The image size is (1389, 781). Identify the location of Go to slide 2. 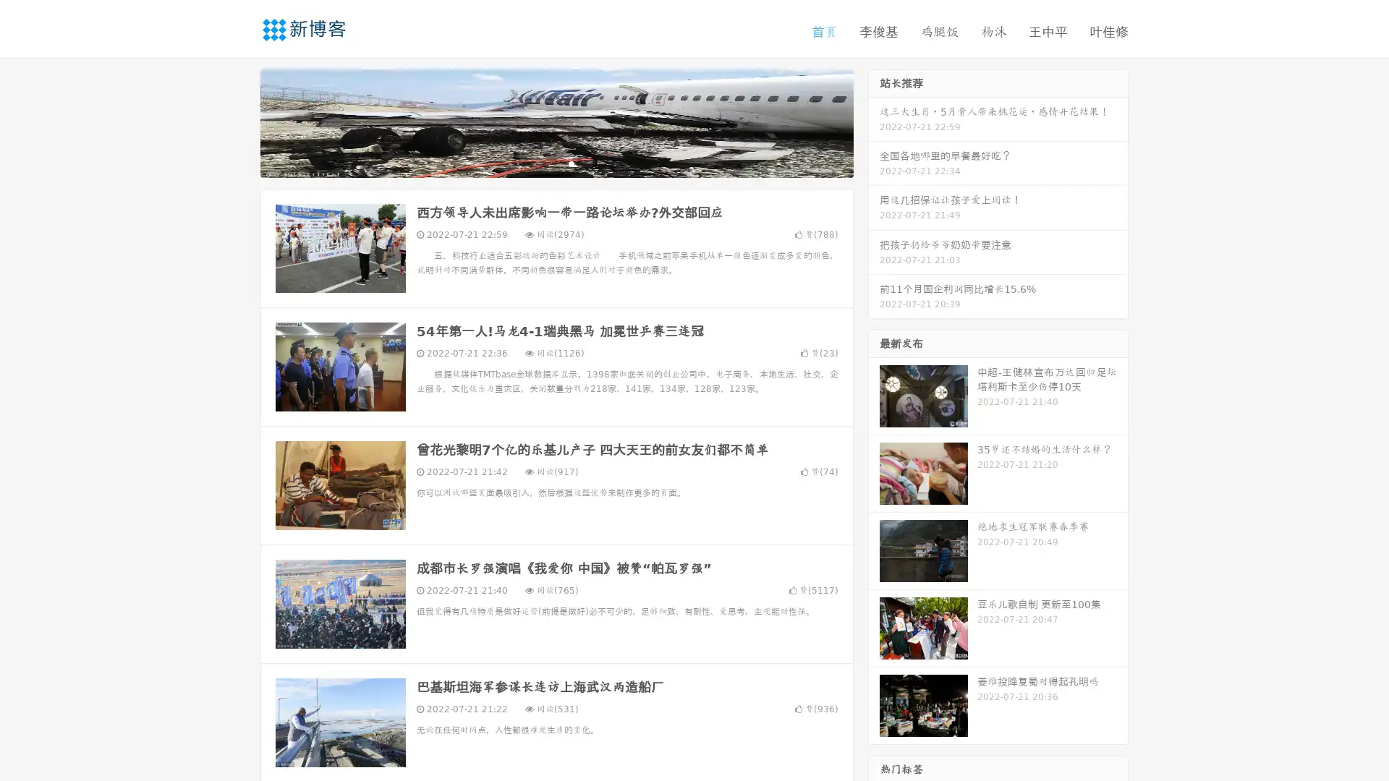
(556, 163).